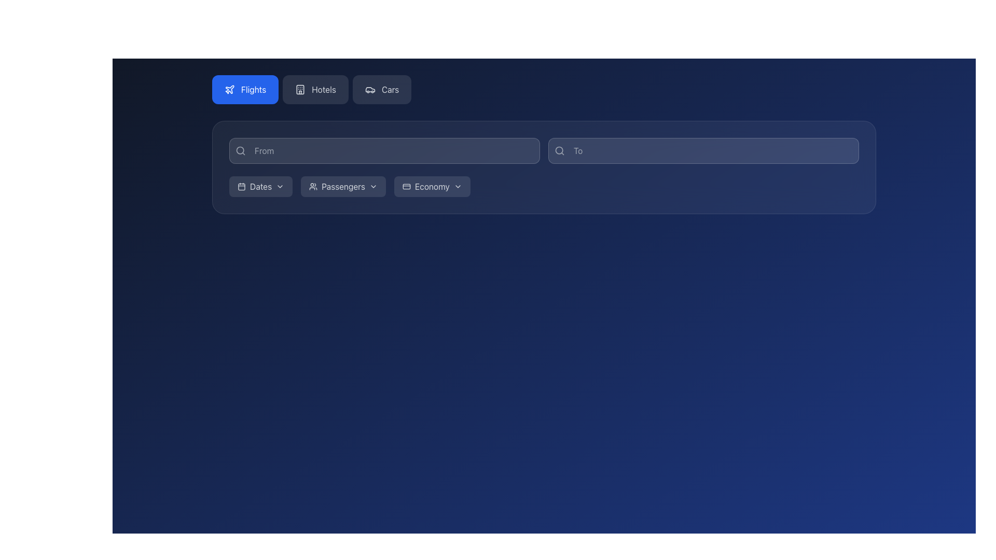 Image resolution: width=996 pixels, height=560 pixels. I want to click on the button containing the gray SVG icon of a group of users, which is located to the left of the 'Passengers' label, so click(313, 186).